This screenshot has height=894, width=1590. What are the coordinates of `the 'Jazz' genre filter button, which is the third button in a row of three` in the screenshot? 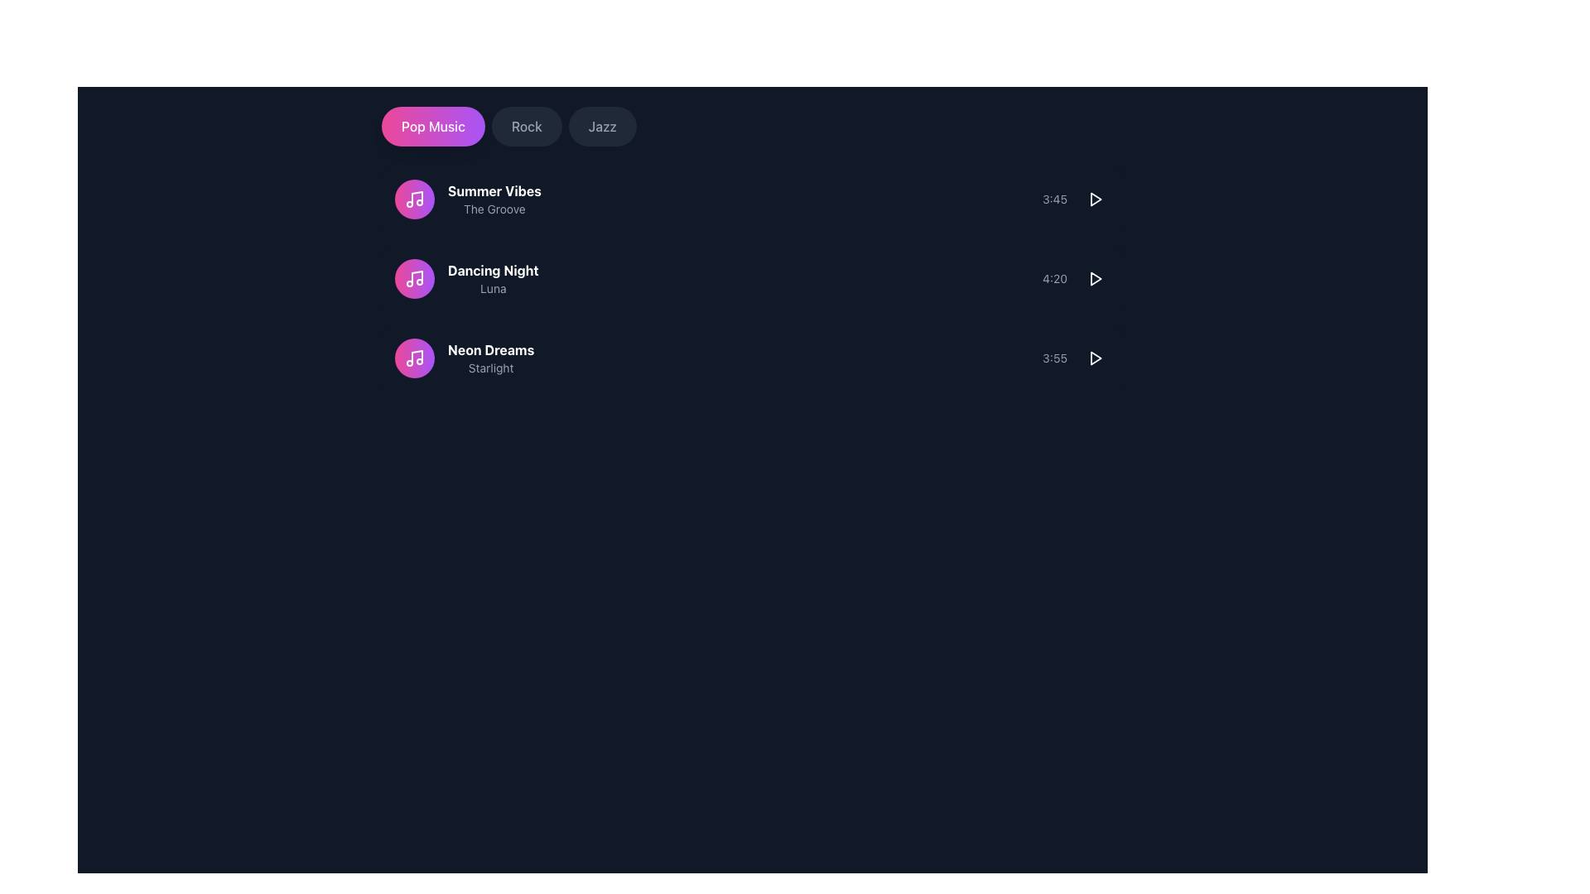 It's located at (601, 126).